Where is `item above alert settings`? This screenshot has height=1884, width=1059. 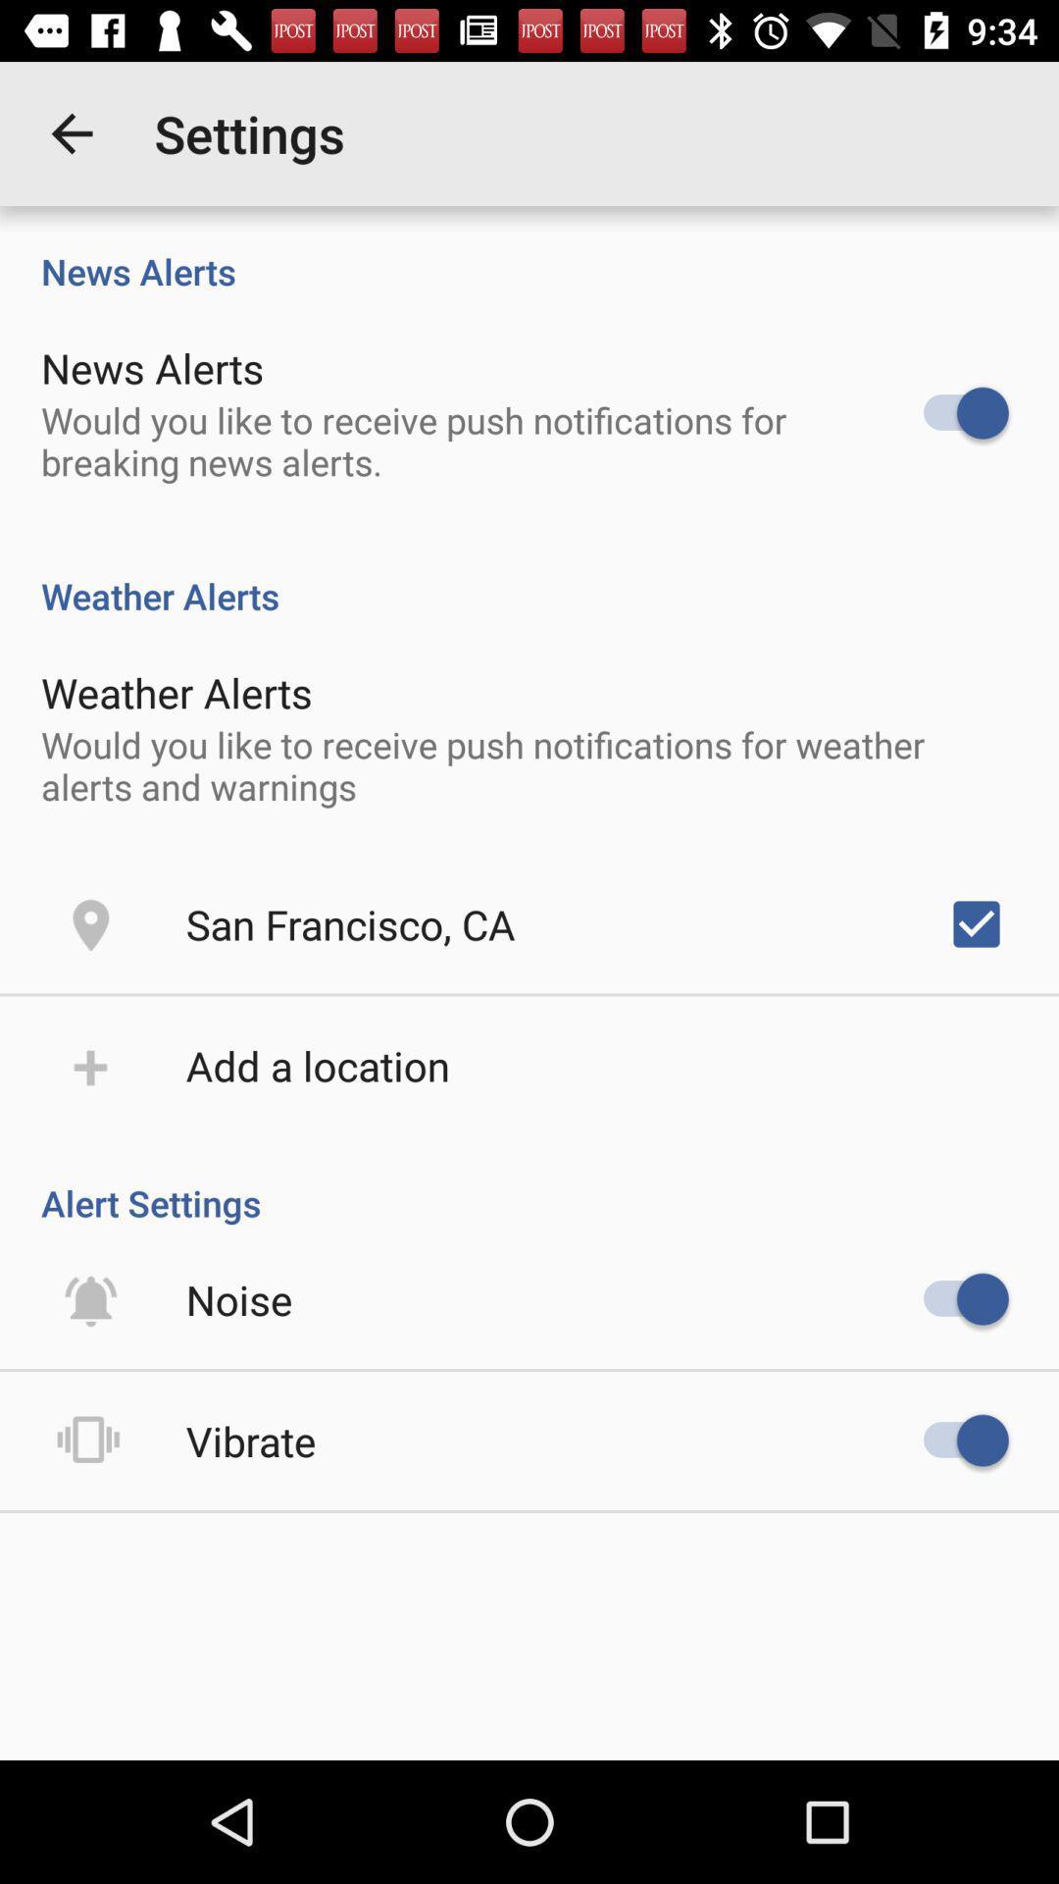 item above alert settings is located at coordinates (317, 1064).